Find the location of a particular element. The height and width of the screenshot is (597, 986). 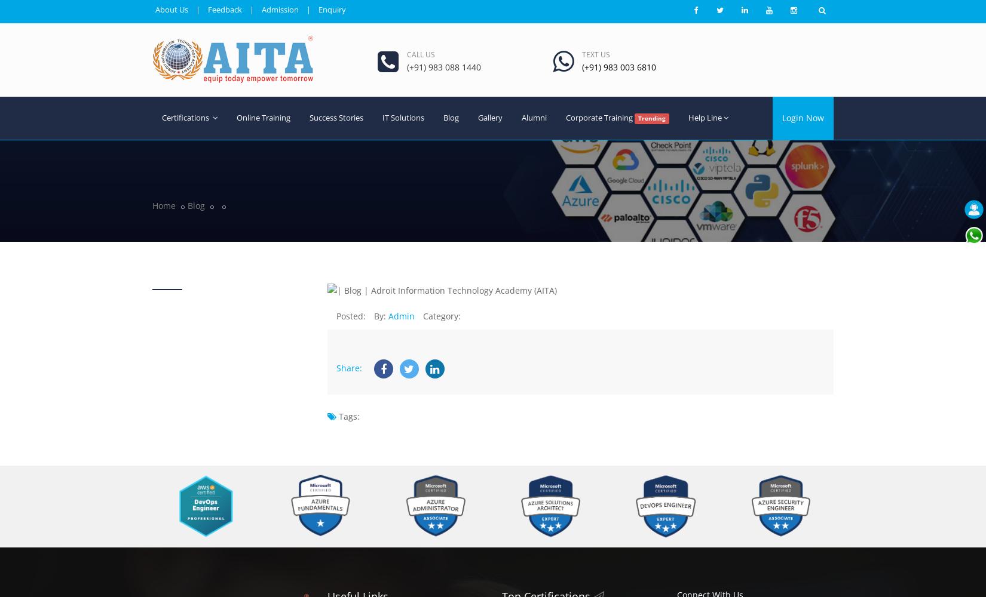

'Online Training' is located at coordinates (263, 116).